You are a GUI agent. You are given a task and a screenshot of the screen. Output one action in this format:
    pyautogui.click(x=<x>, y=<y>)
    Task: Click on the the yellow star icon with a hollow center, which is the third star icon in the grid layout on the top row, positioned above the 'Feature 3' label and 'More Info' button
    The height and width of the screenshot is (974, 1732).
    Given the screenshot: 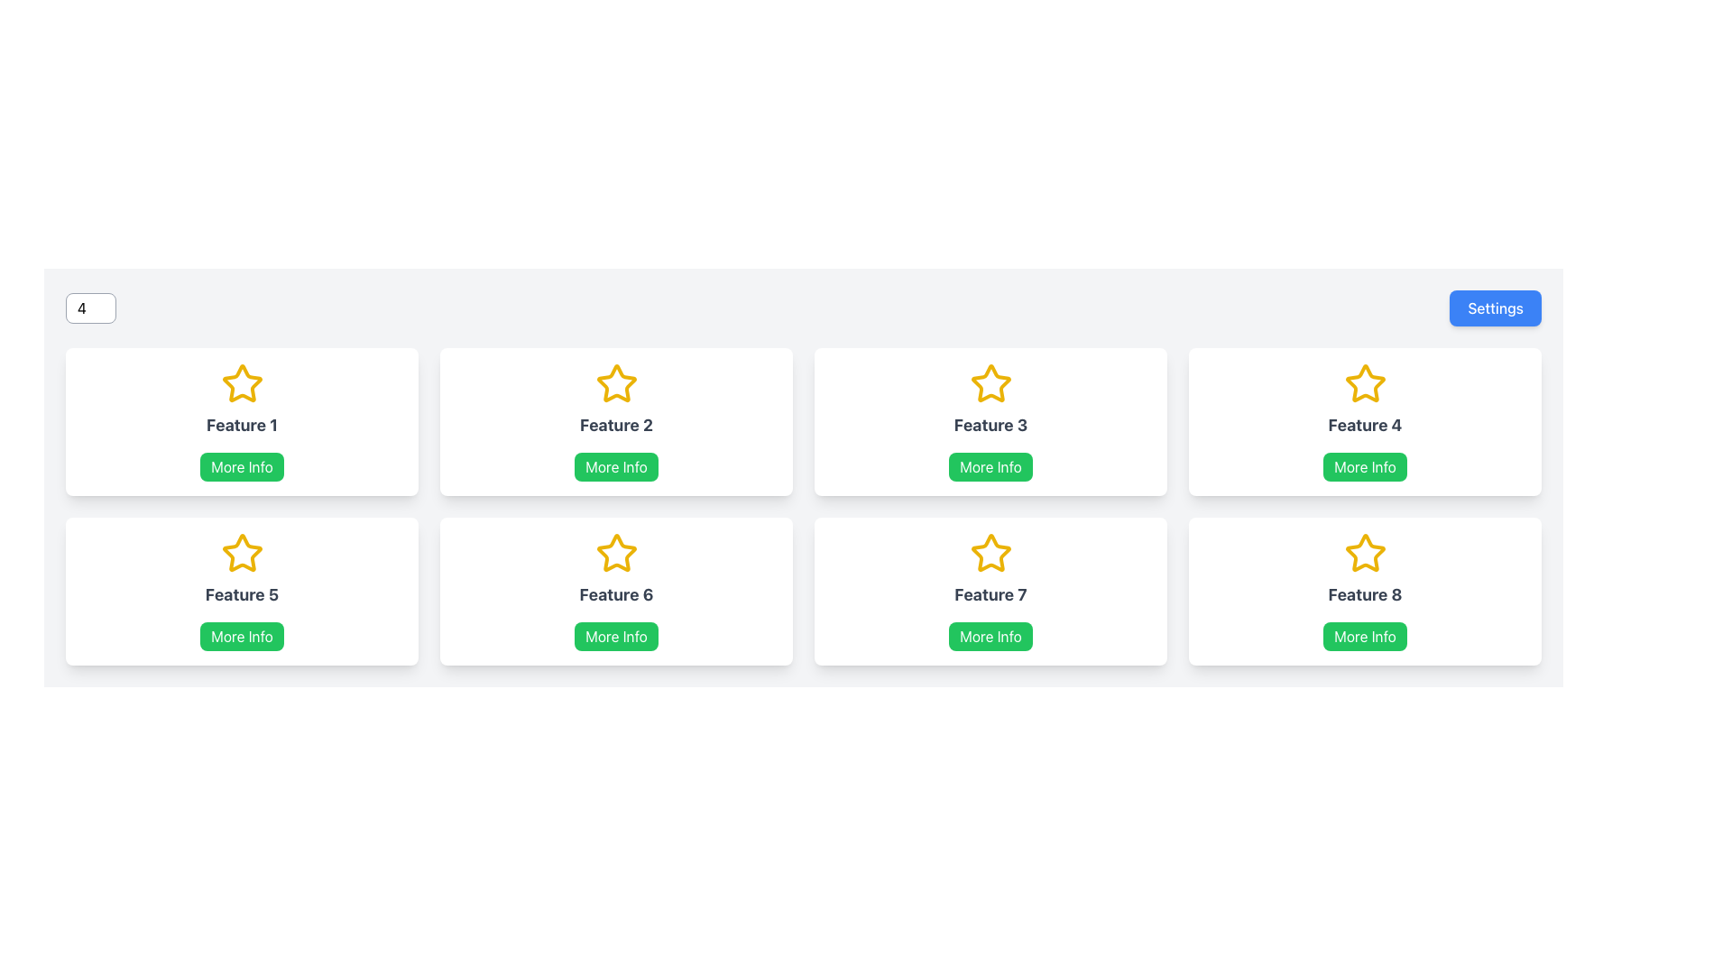 What is the action you would take?
    pyautogui.click(x=990, y=382)
    